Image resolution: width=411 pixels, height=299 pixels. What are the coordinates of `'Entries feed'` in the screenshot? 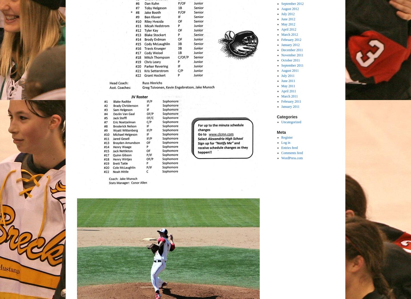 It's located at (289, 147).